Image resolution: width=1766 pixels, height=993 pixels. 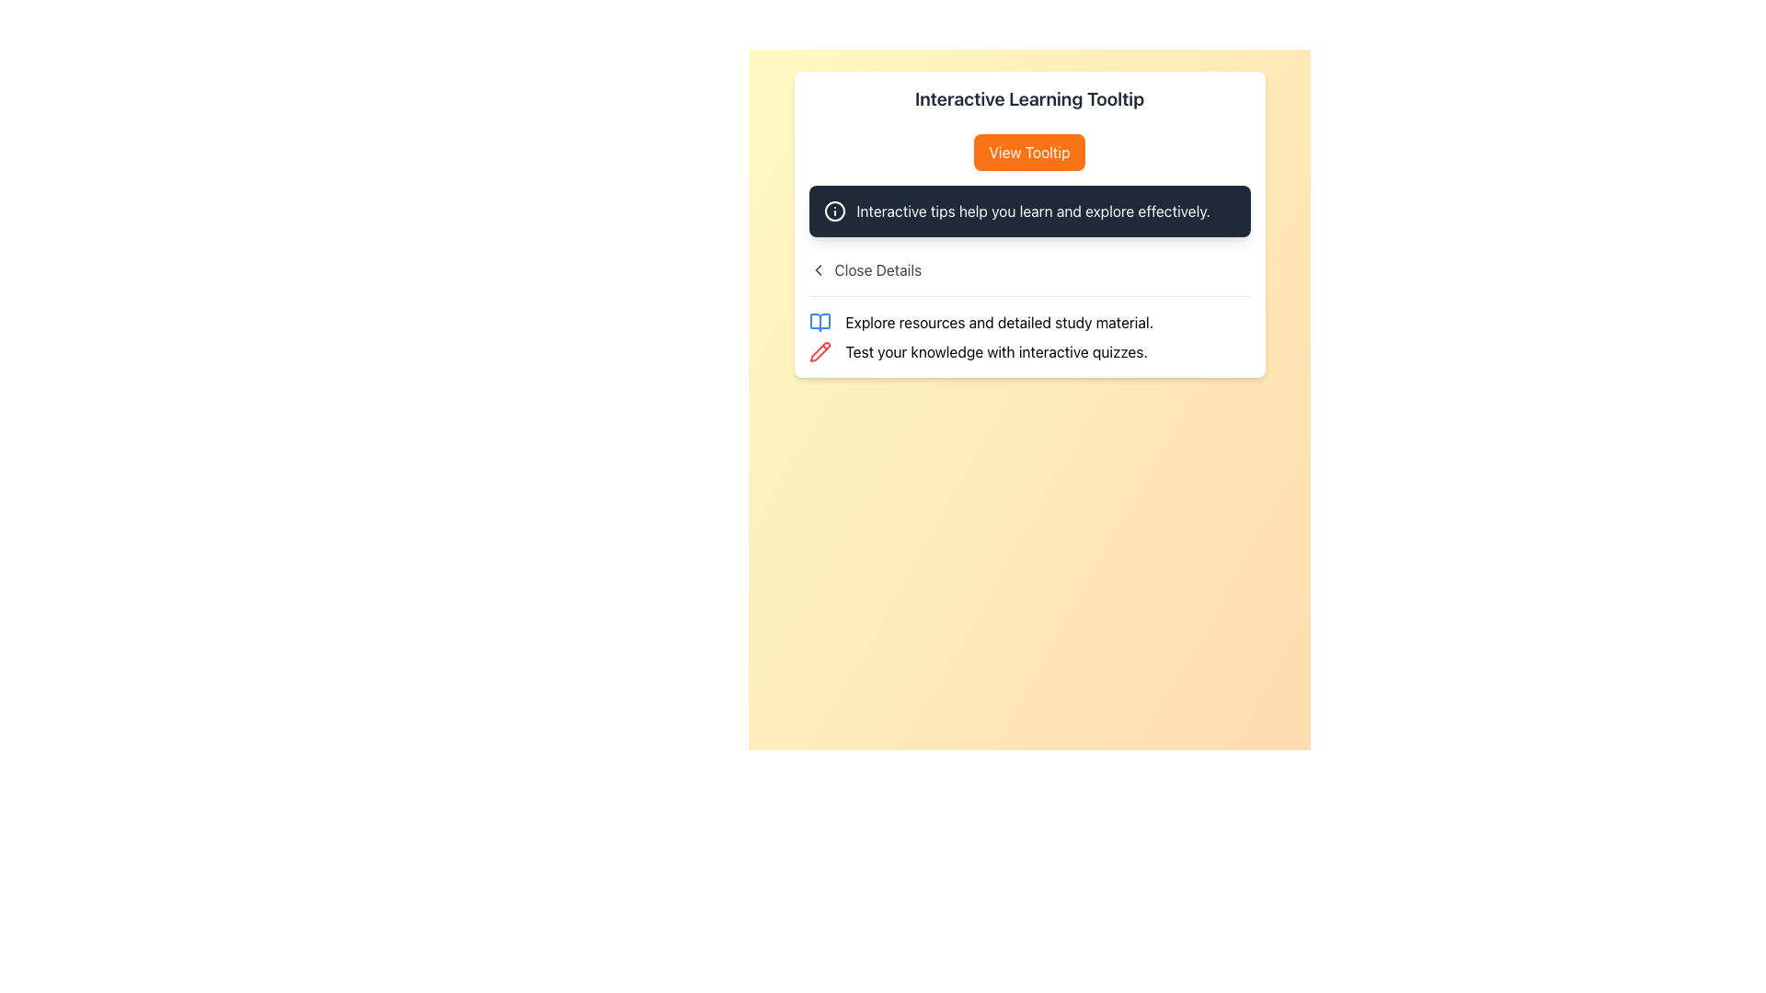 What do you see at coordinates (819, 322) in the screenshot?
I see `the educational resources icon that visually represents study materials, positioned at the beginning of the horizontal arrangement with the text 'Explore resources and detailed study material.'` at bounding box center [819, 322].